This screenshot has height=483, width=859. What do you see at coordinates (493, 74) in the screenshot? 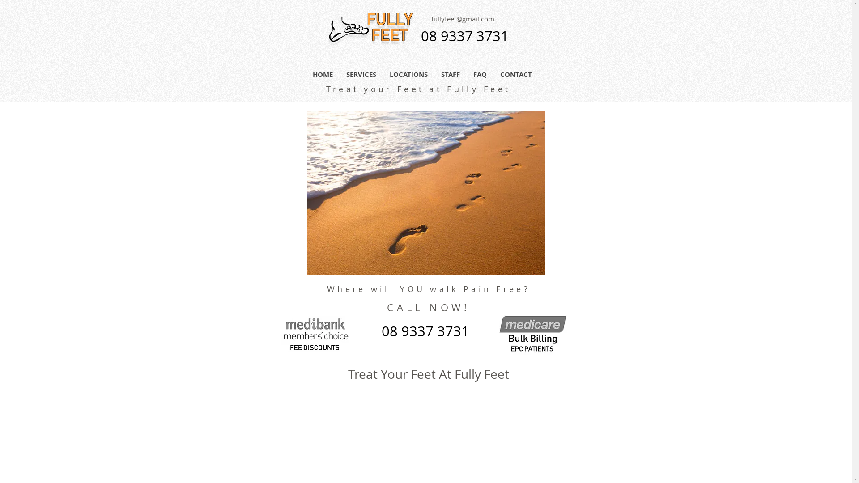
I see `'CONTACT'` at bounding box center [493, 74].